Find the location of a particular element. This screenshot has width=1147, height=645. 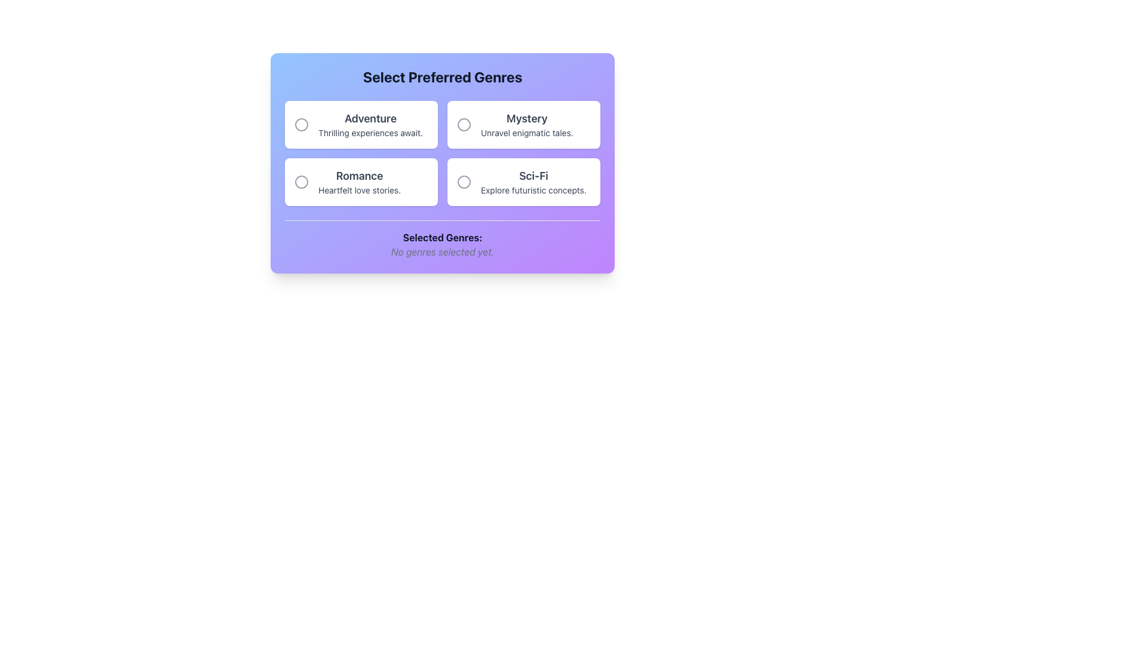

the Radio Button Visual Indicator for the 'Mystery' genre is located at coordinates (464, 124).